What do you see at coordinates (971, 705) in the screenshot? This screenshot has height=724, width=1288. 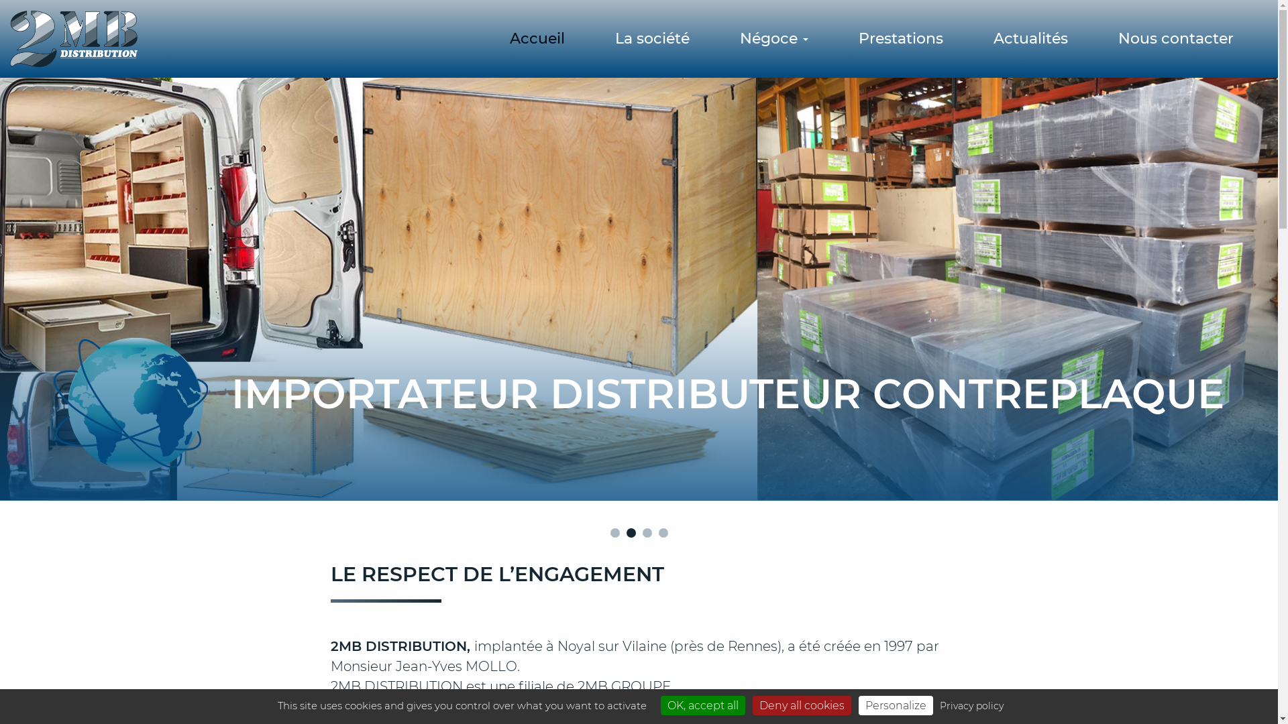 I see `'Privacy policy'` at bounding box center [971, 705].